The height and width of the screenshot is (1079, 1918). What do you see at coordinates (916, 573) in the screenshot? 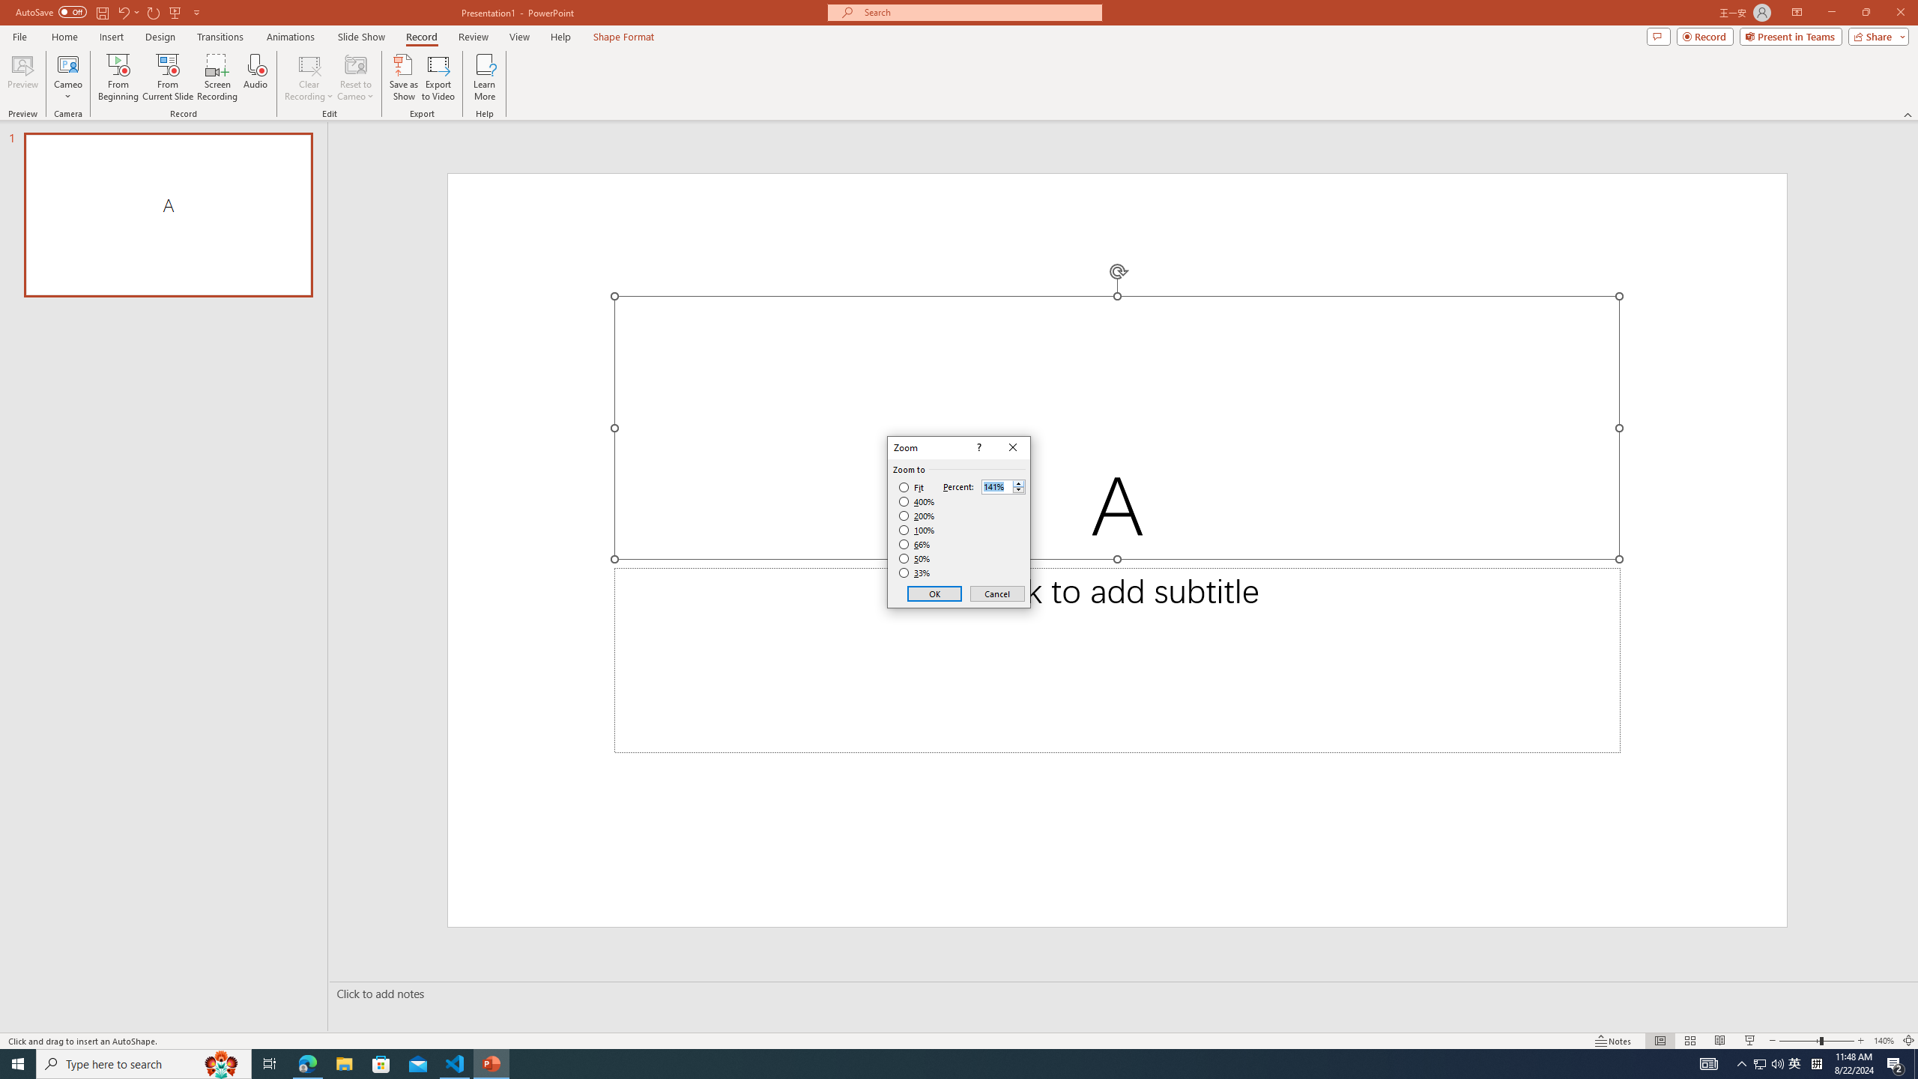
I see `'33%'` at bounding box center [916, 573].